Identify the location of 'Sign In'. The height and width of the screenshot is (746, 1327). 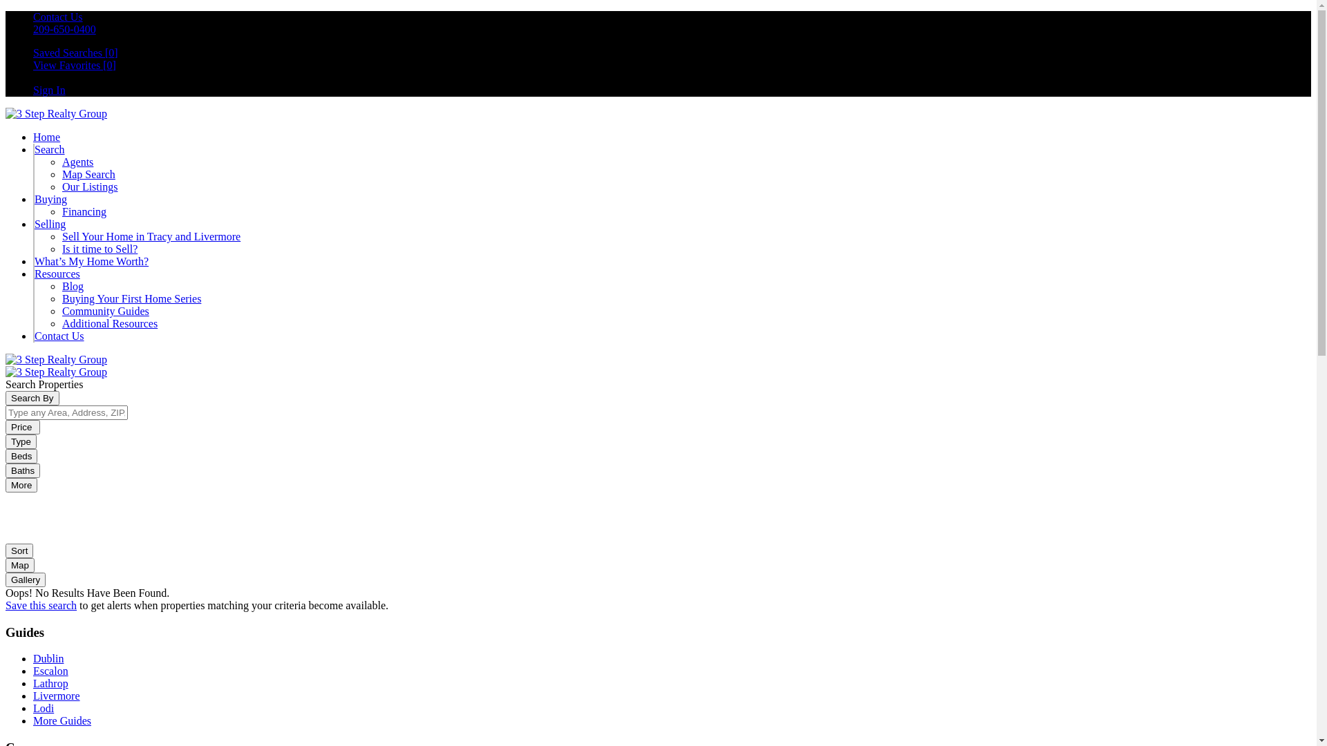
(49, 90).